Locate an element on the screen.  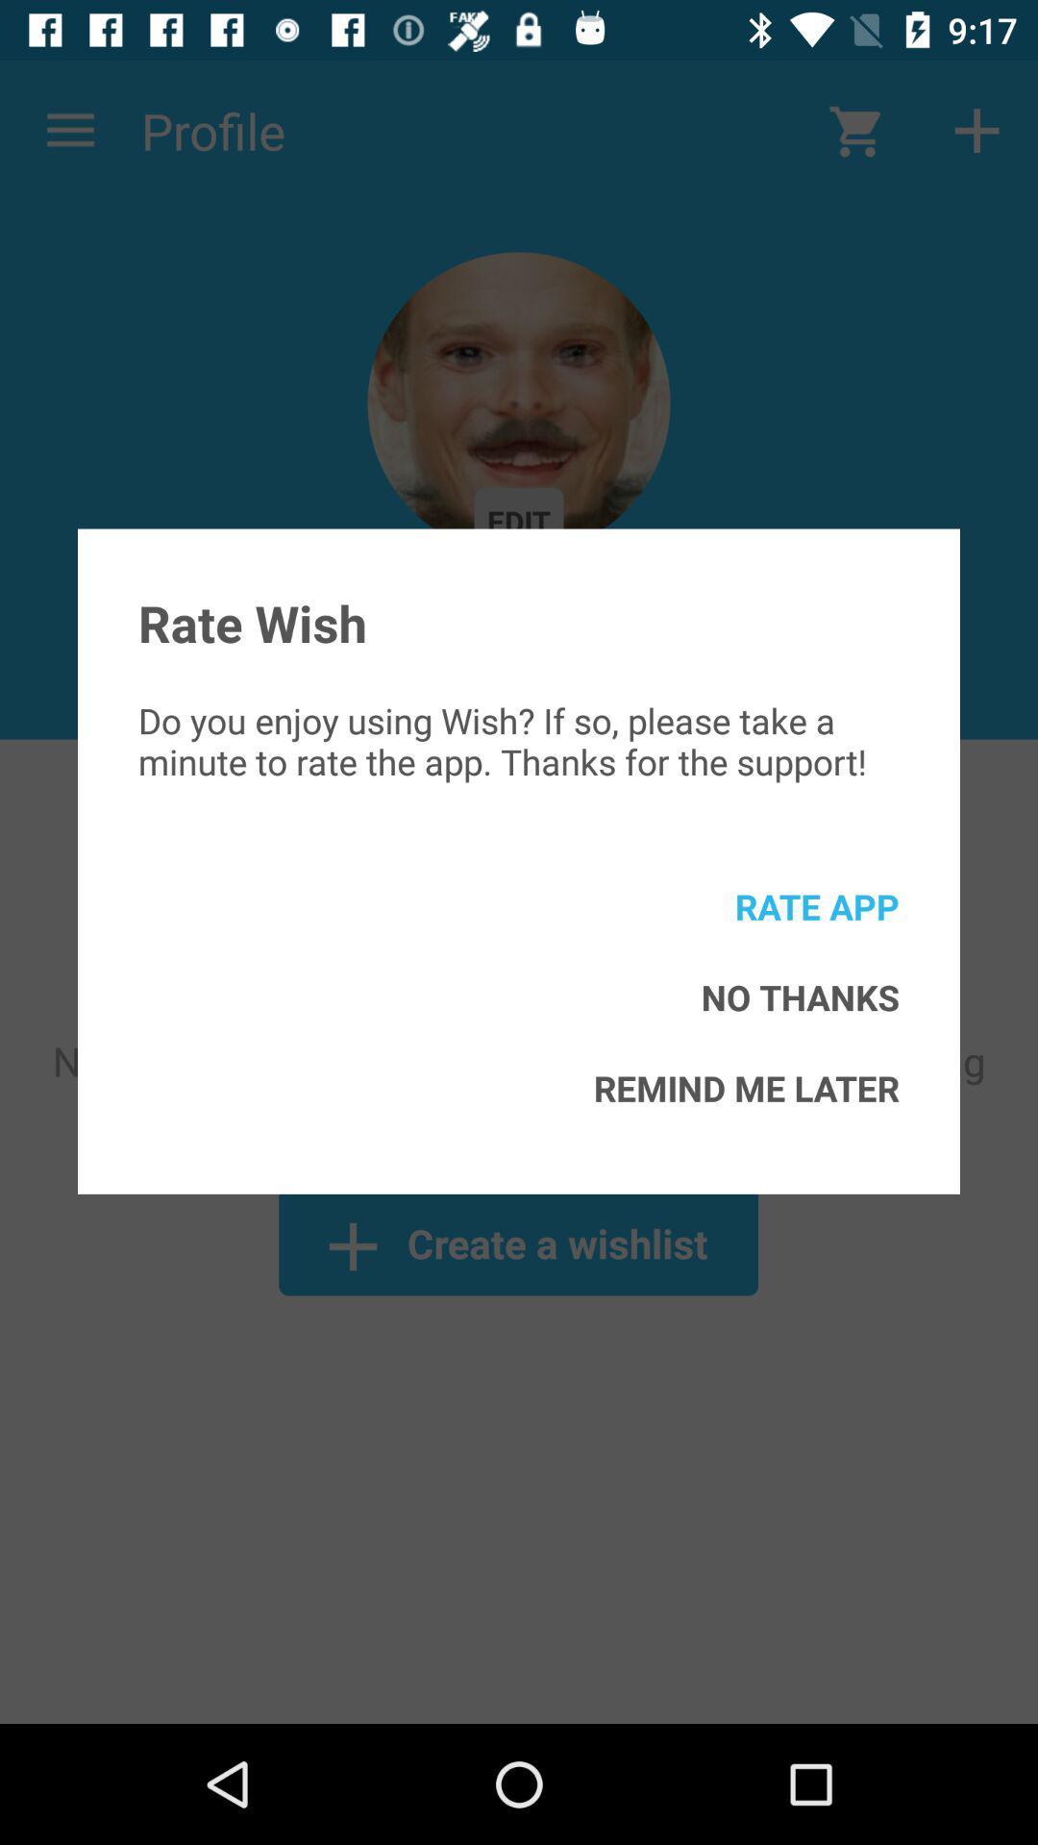
icon below the no thanks item is located at coordinates (745, 1088).